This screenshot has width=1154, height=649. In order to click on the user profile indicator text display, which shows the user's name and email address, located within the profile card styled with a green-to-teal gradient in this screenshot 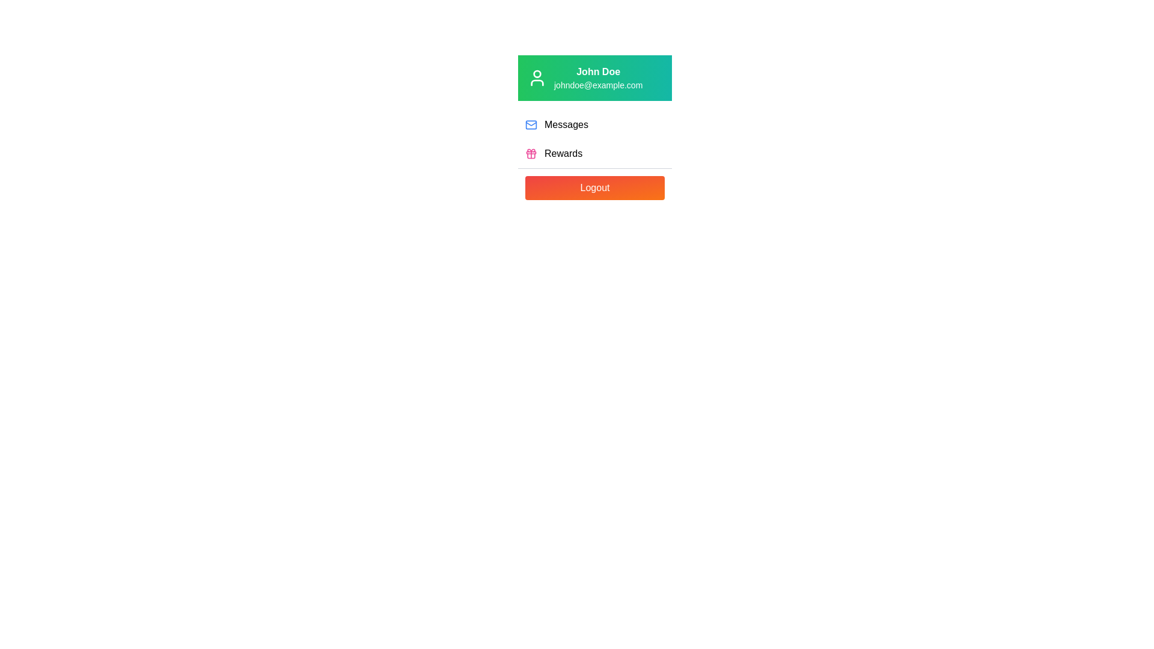, I will do `click(598, 78)`.